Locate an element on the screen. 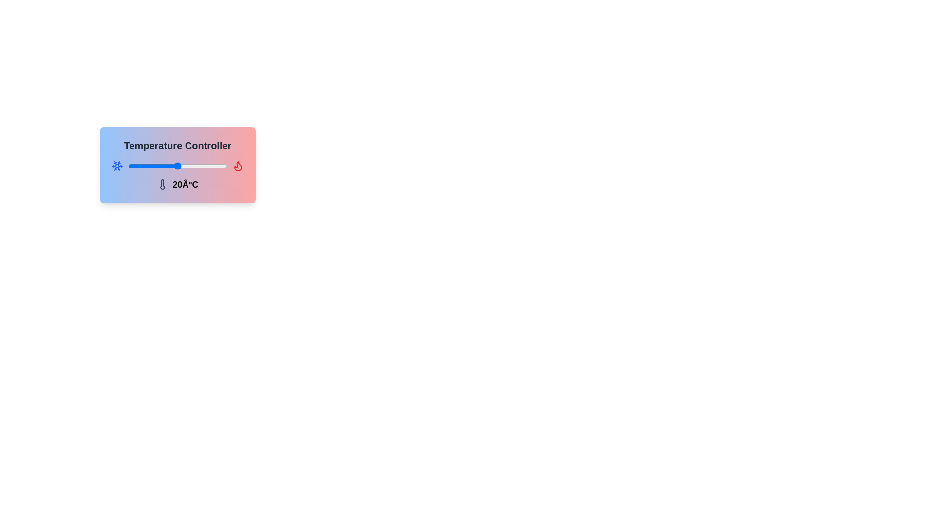 This screenshot has height=526, width=935. the temperature slider to set the temperature to 46°C is located at coordinates (220, 165).